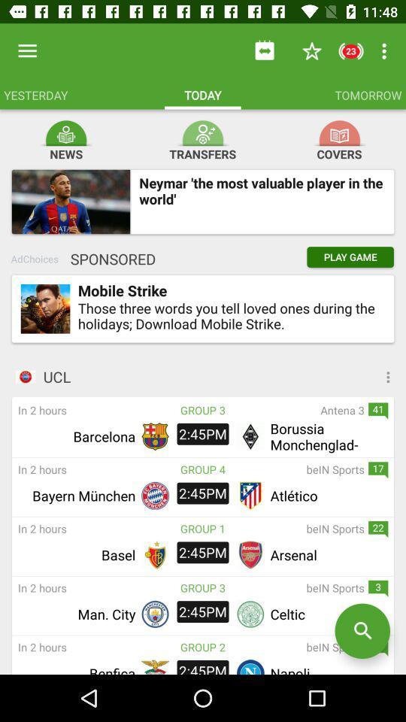 This screenshot has width=406, height=722. What do you see at coordinates (332, 376) in the screenshot?
I see `expand or hide results` at bounding box center [332, 376].